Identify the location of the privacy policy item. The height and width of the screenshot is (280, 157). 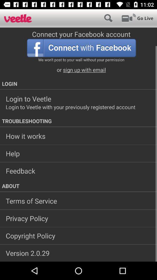
(78, 218).